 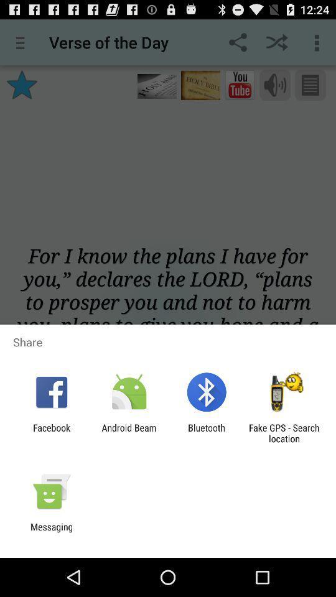 I want to click on the app next to the android beam app, so click(x=207, y=433).